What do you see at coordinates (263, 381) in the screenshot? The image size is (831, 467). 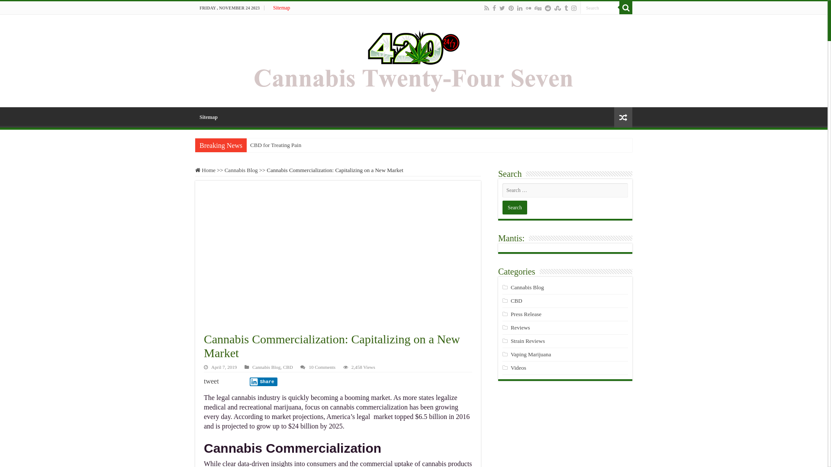 I see `'Share'` at bounding box center [263, 381].